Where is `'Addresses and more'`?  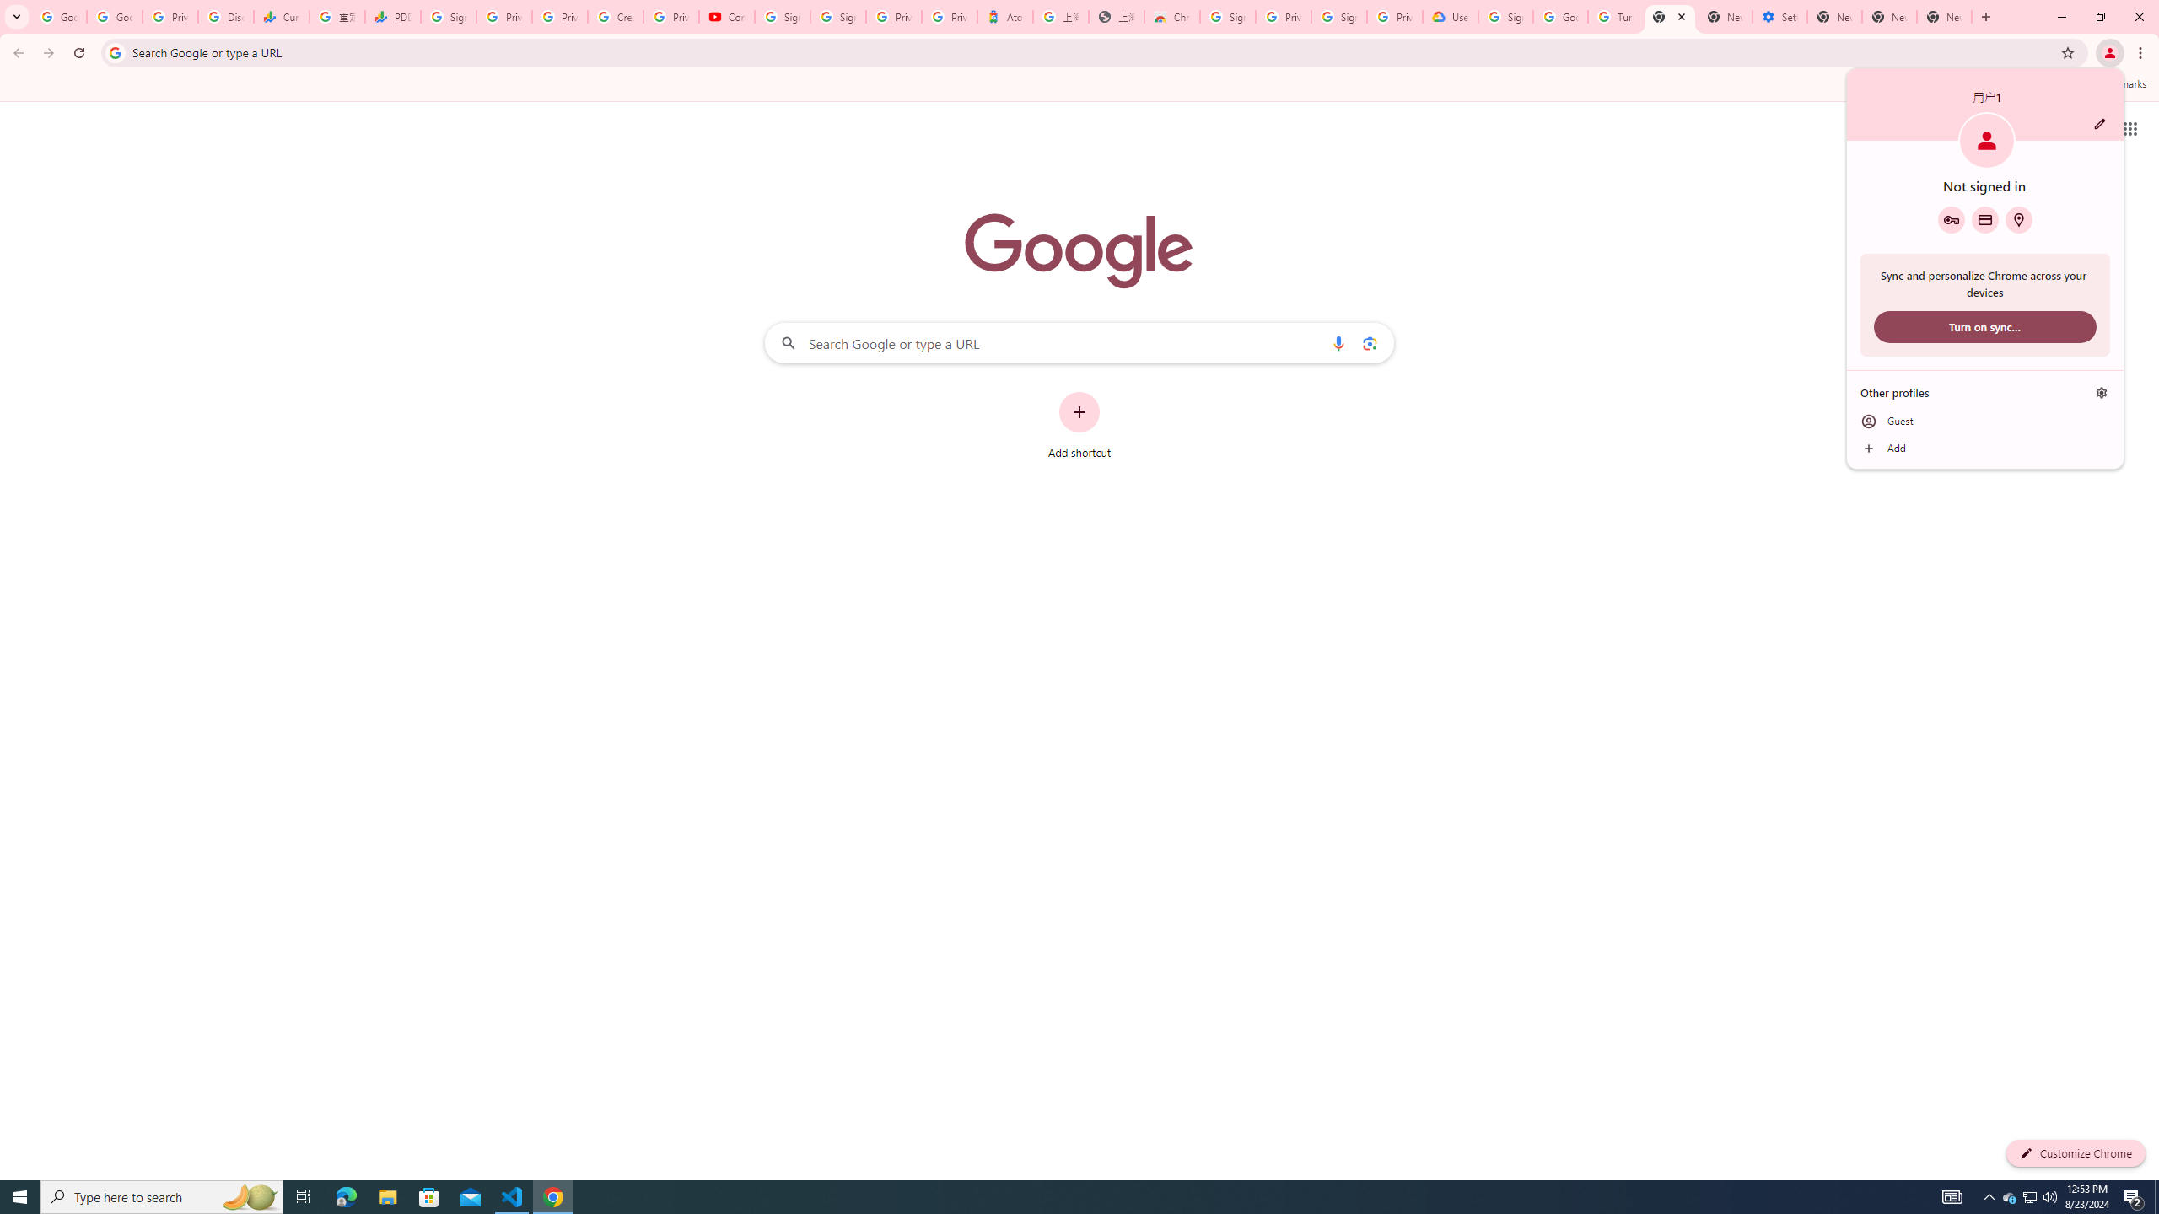
'Addresses and more' is located at coordinates (2017, 219).